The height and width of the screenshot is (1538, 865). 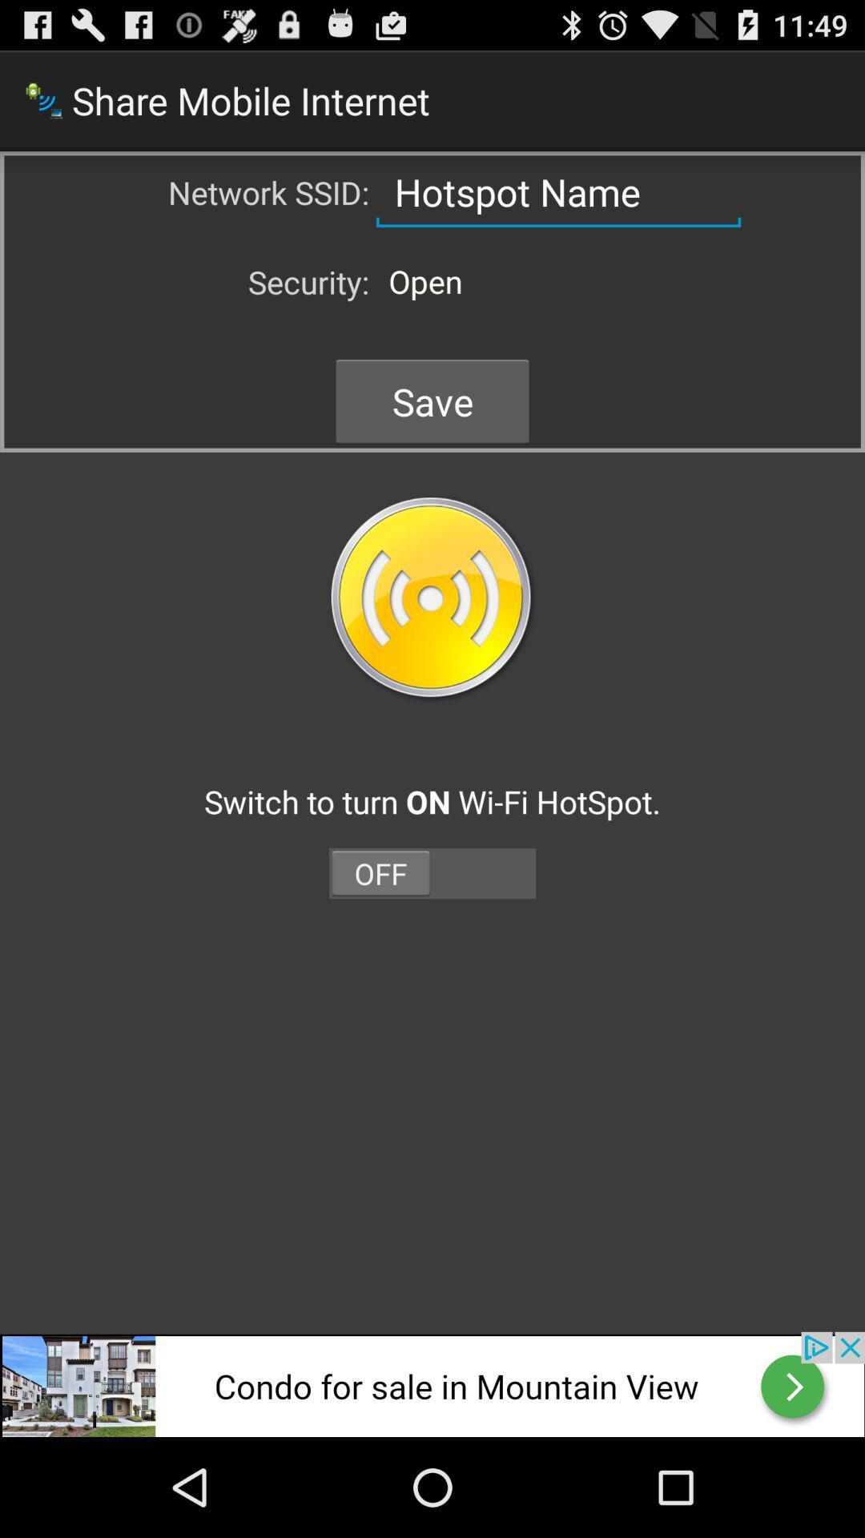 What do you see at coordinates (432, 1383) in the screenshot?
I see `open the advertisements` at bounding box center [432, 1383].